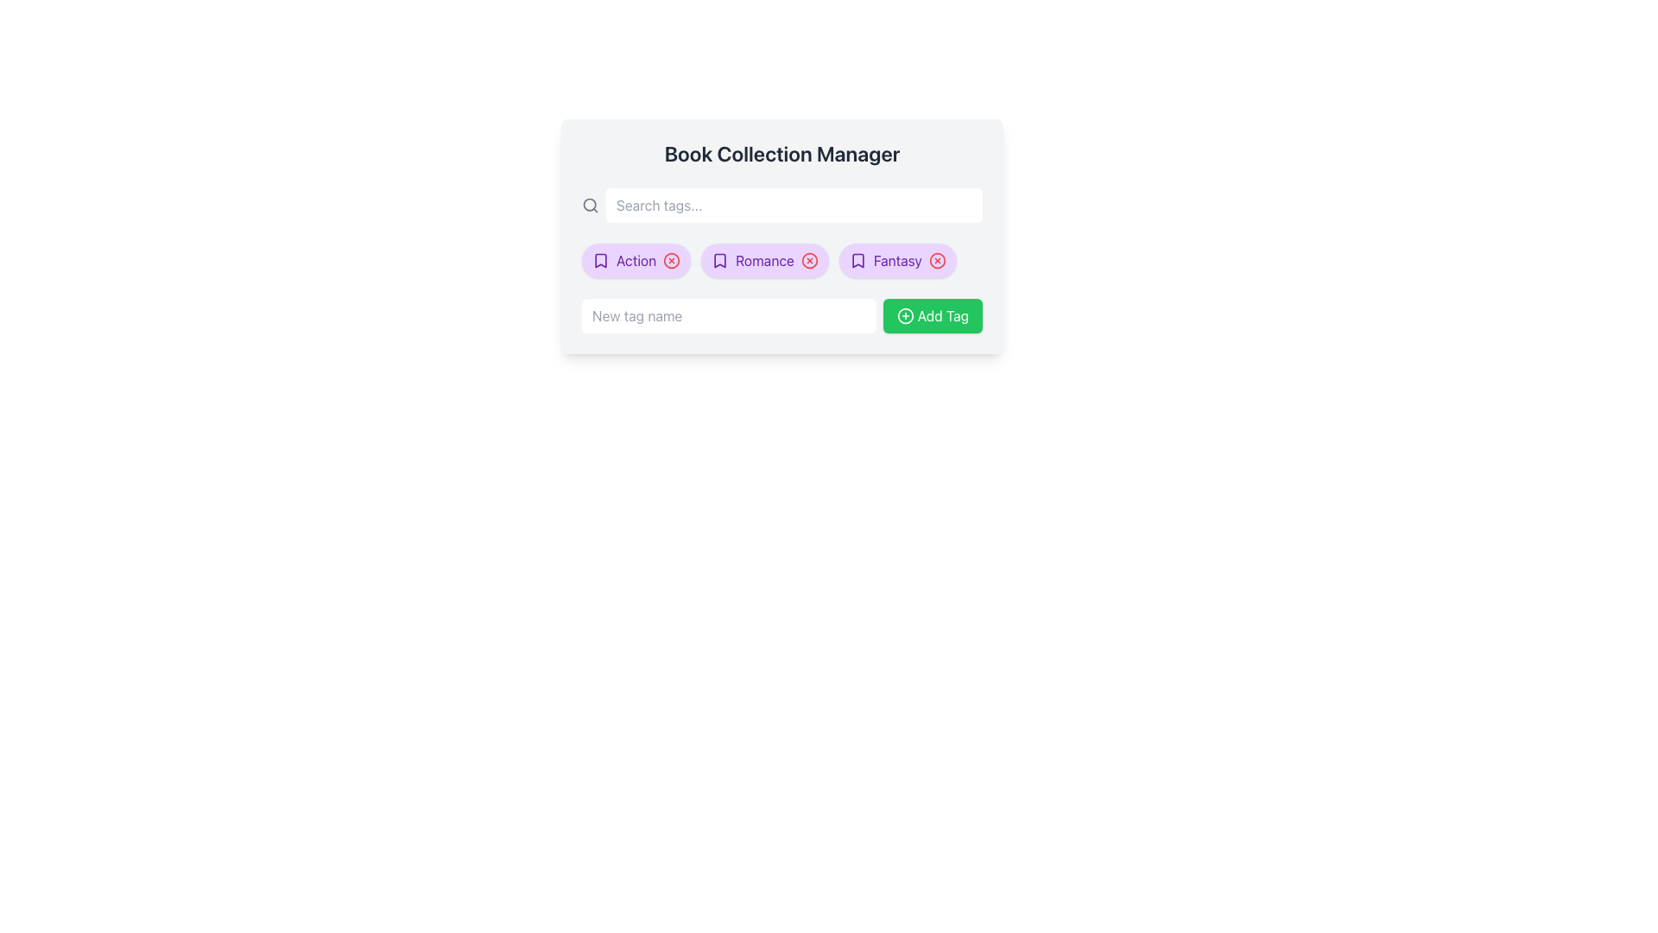  Describe the element at coordinates (590, 204) in the screenshot. I see `the magnifying glass icon represented by the circular shape adjacent to the 'Search tags...' input field by clicking on it` at that location.